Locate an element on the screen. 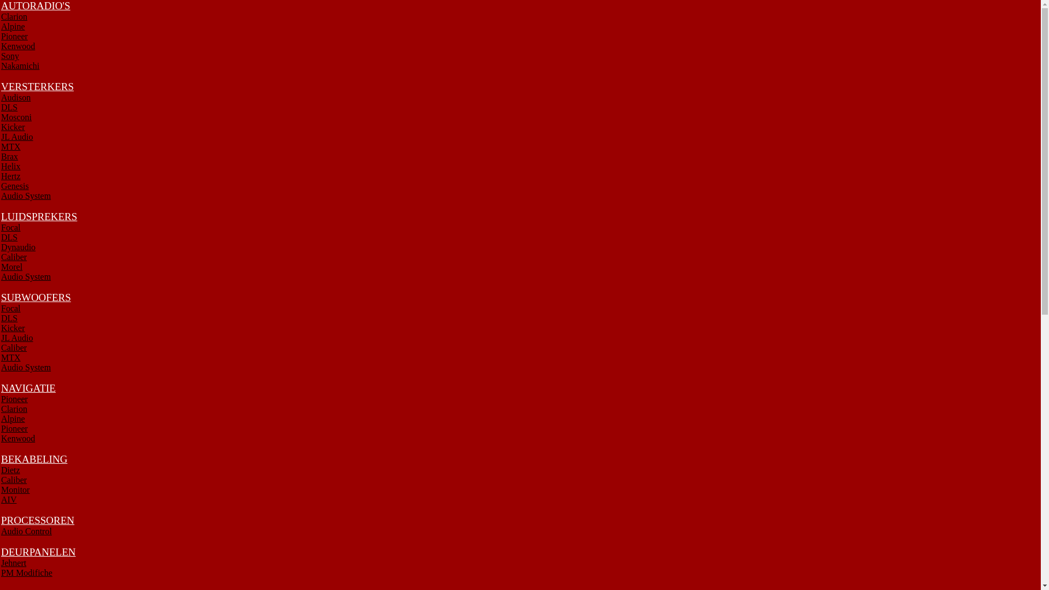 The width and height of the screenshot is (1049, 590). 'DLS' is located at coordinates (9, 237).